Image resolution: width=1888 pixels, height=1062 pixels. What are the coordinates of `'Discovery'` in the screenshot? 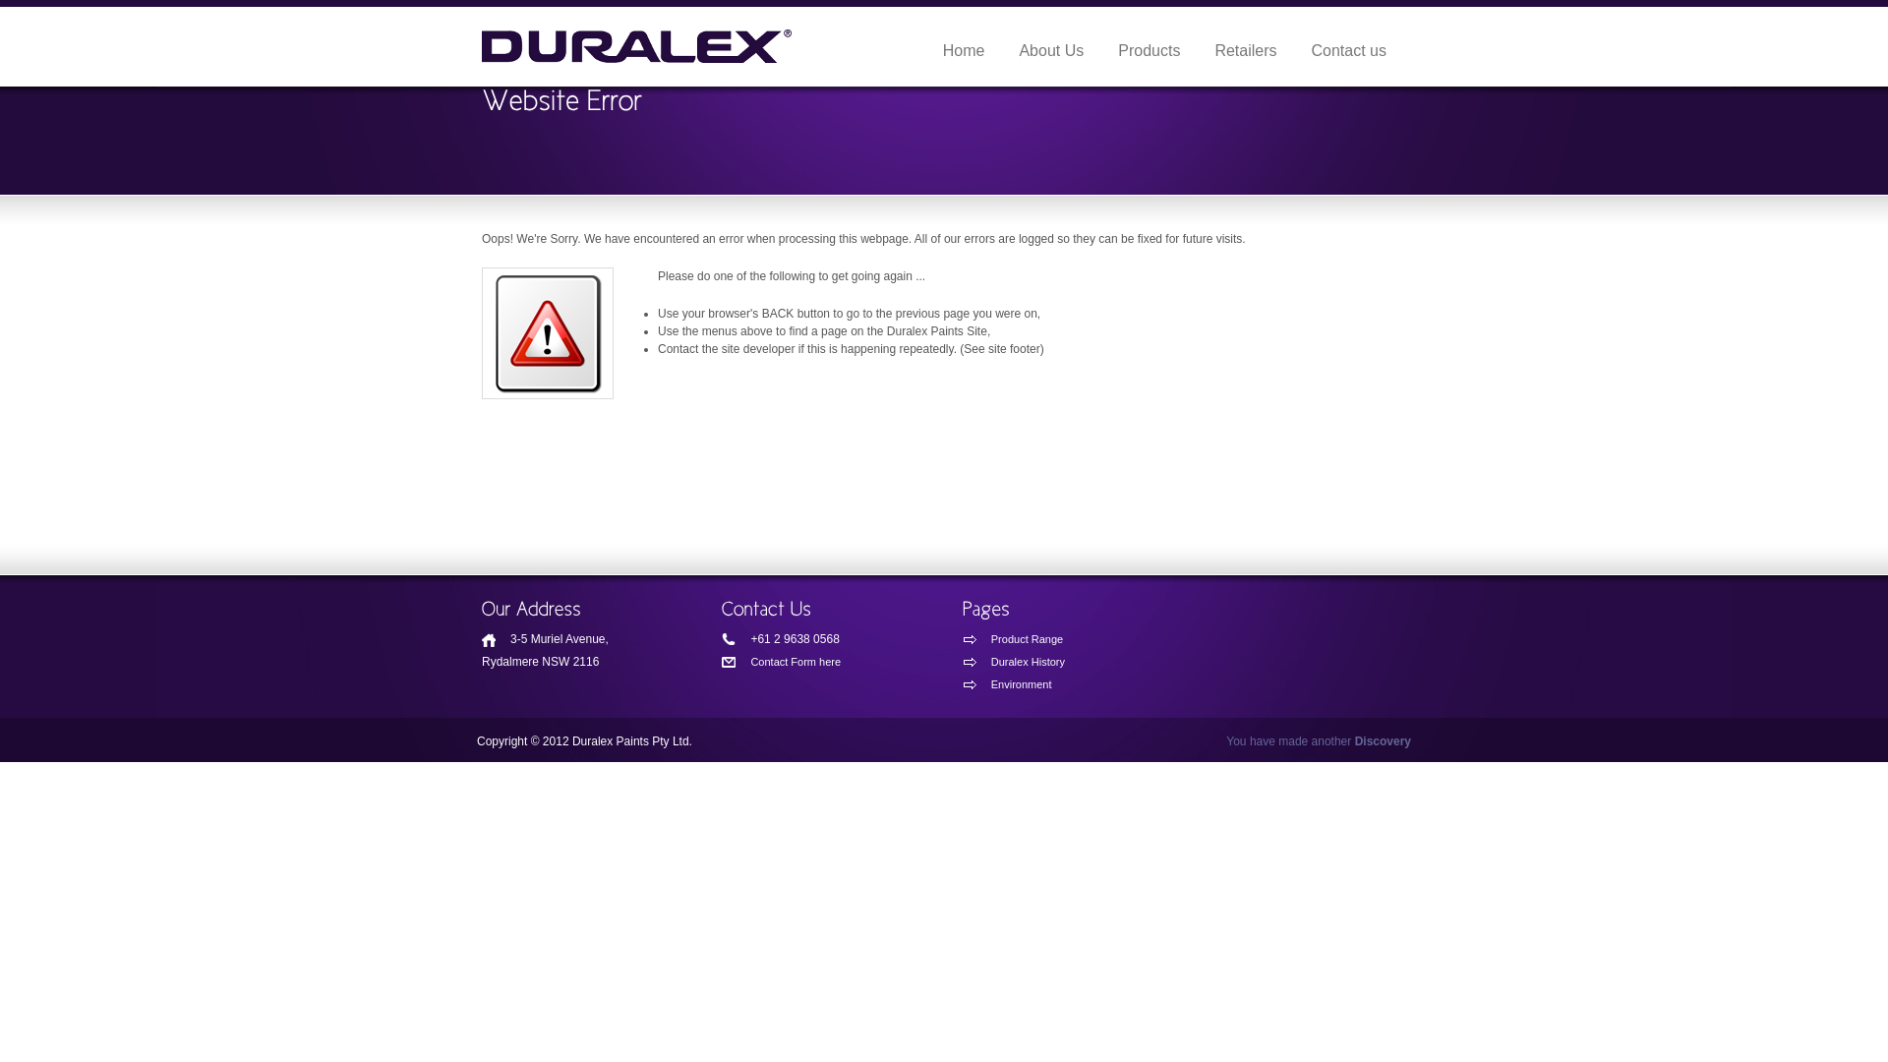 It's located at (1382, 740).